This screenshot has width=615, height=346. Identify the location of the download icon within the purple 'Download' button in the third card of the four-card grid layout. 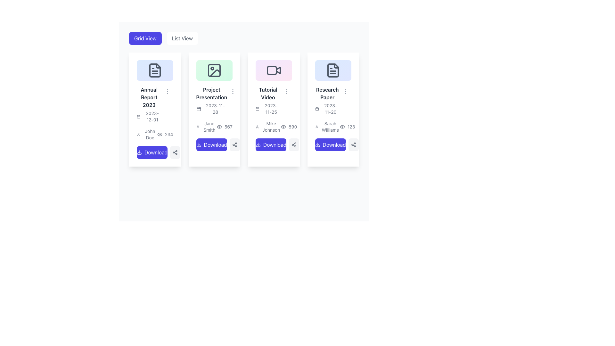
(258, 144).